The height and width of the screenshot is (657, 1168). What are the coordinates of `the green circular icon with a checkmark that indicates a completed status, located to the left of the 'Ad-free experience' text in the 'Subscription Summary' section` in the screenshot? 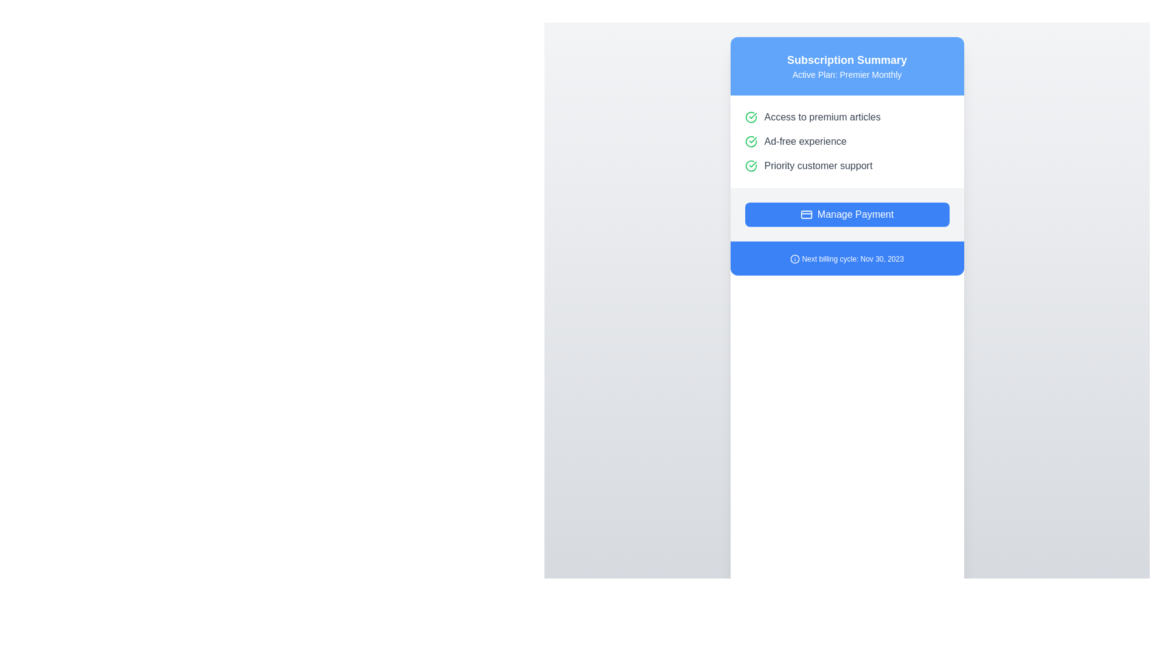 It's located at (750, 141).